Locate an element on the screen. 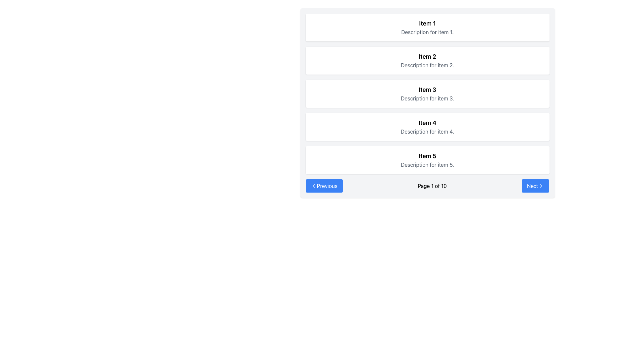  the text label that identifies 'Item 3' within the third content box of the vertically stacked list is located at coordinates (427, 89).